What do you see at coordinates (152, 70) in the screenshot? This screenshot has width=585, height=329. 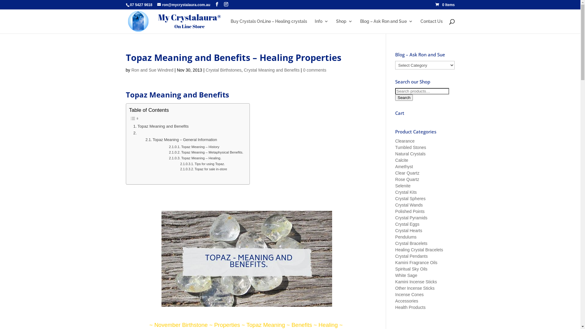 I see `'Ron and Sue Windred'` at bounding box center [152, 70].